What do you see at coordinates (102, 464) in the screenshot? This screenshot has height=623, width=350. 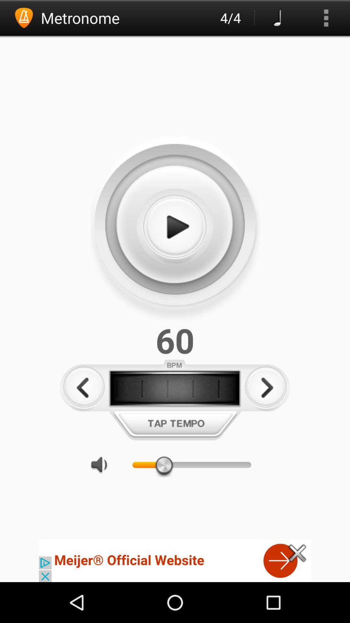 I see `mute` at bounding box center [102, 464].